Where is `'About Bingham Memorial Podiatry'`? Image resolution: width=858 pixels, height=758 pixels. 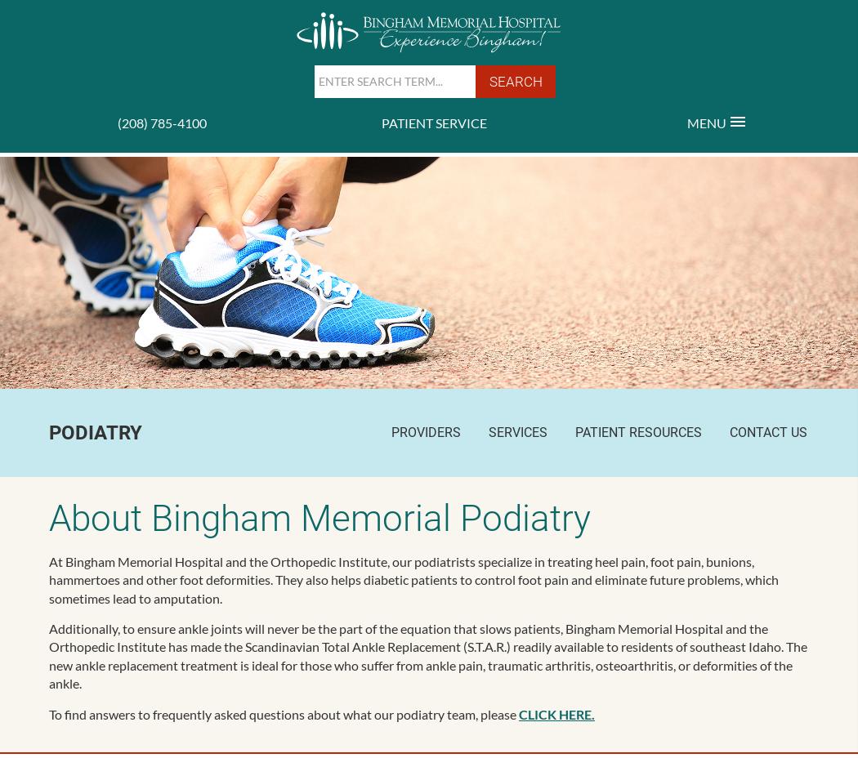
'About Bingham Memorial Podiatry' is located at coordinates (320, 519).